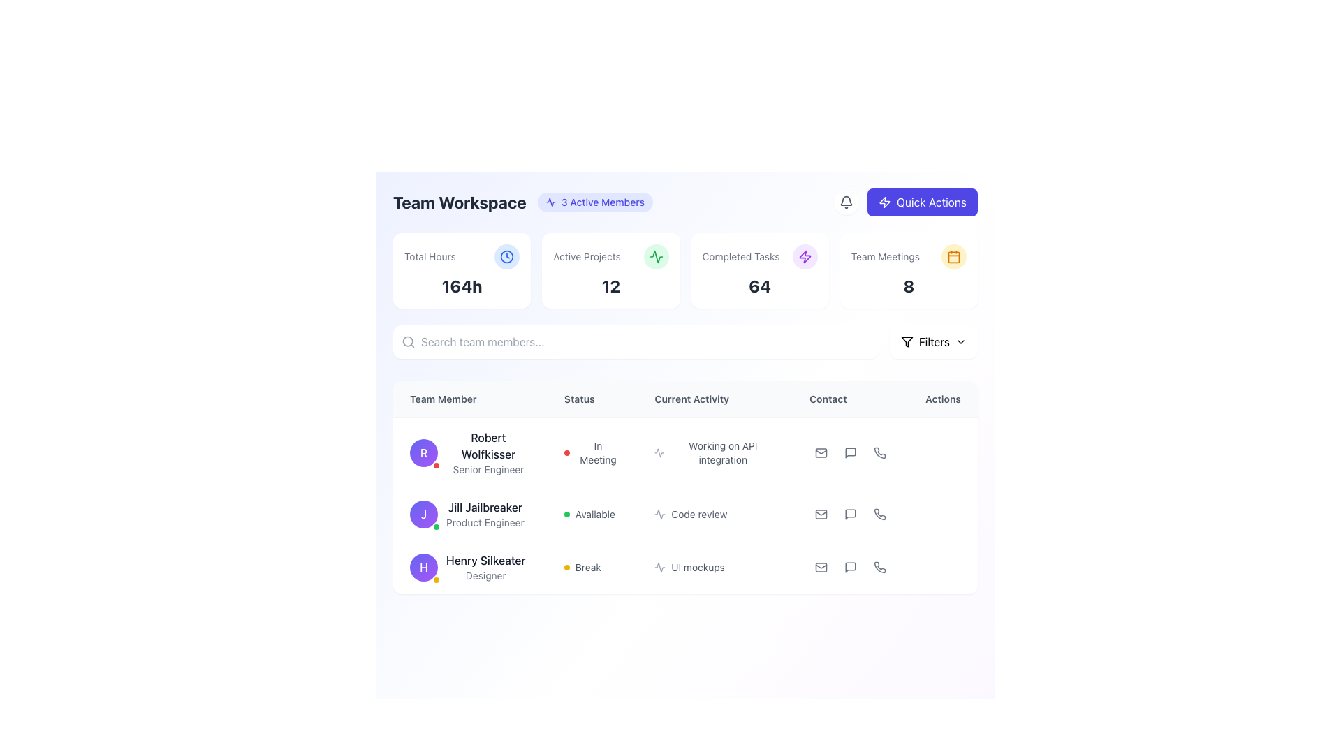  I want to click on the avatar of user 'Jill Jailbreaker' in the 'Team Member' section, so click(423, 514).